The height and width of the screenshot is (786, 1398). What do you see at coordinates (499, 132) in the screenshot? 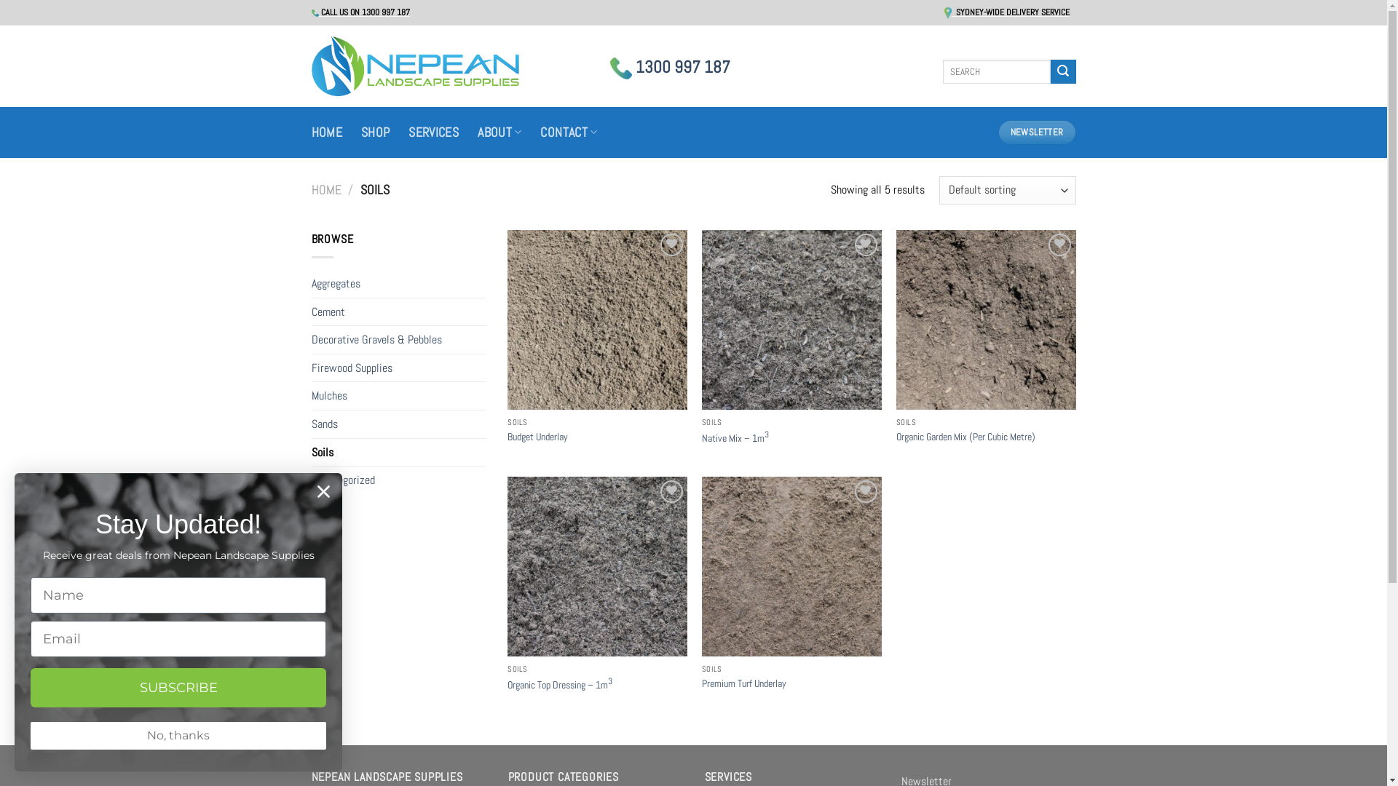
I see `'ABOUT'` at bounding box center [499, 132].